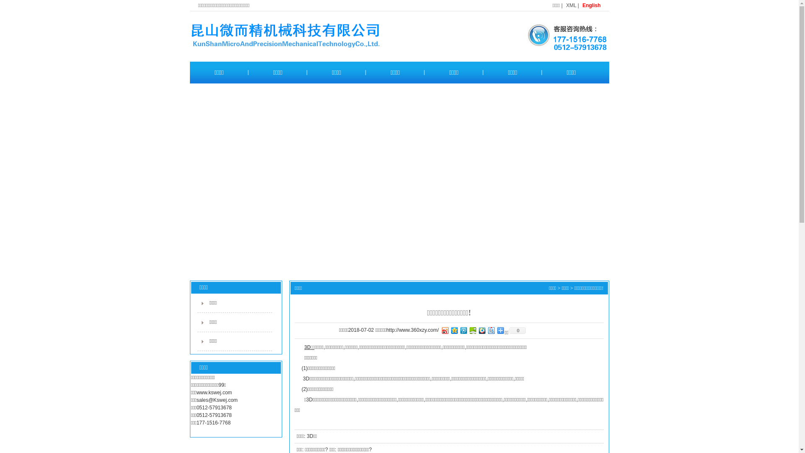 This screenshot has height=453, width=805. I want to click on 'XML', so click(571, 5).